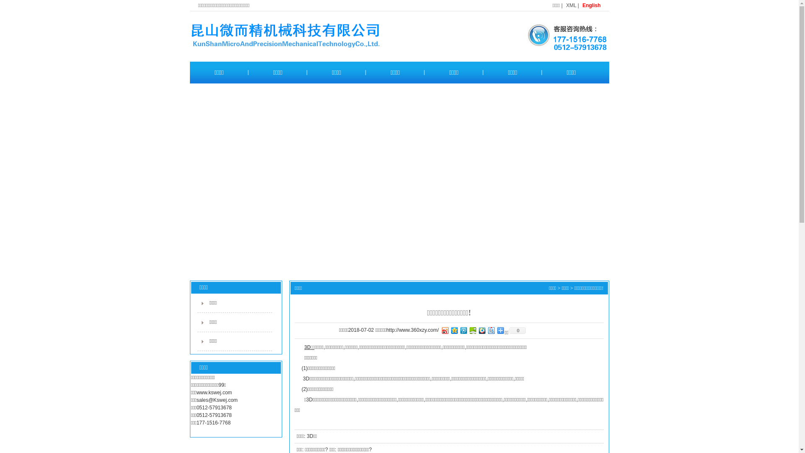 This screenshot has height=453, width=805. I want to click on 'XML', so click(571, 5).